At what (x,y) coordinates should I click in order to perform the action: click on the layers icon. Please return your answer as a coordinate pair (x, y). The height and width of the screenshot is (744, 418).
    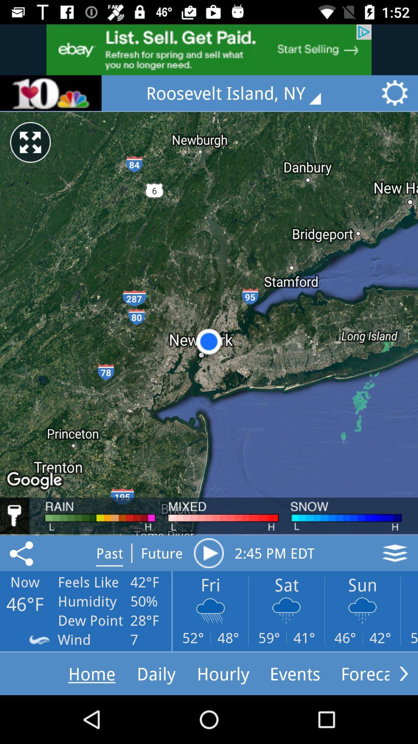
    Looking at the image, I should click on (395, 553).